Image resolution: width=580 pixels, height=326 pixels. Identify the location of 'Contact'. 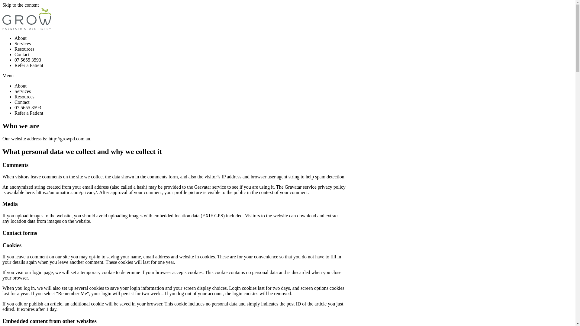
(14, 102).